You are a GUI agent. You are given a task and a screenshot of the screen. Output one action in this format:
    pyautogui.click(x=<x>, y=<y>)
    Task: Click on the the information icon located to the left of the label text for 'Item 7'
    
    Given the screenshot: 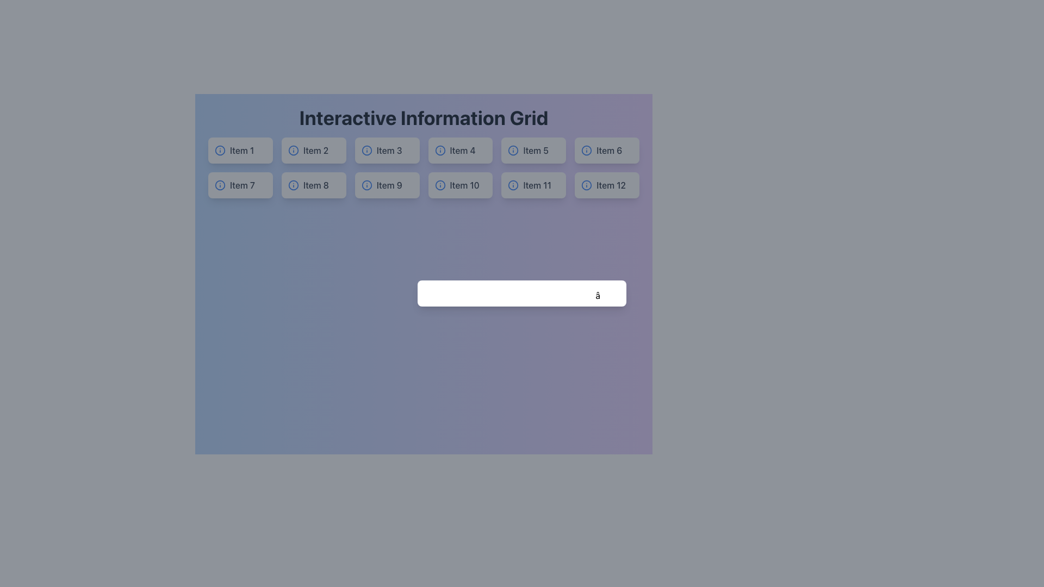 What is the action you would take?
    pyautogui.click(x=219, y=184)
    